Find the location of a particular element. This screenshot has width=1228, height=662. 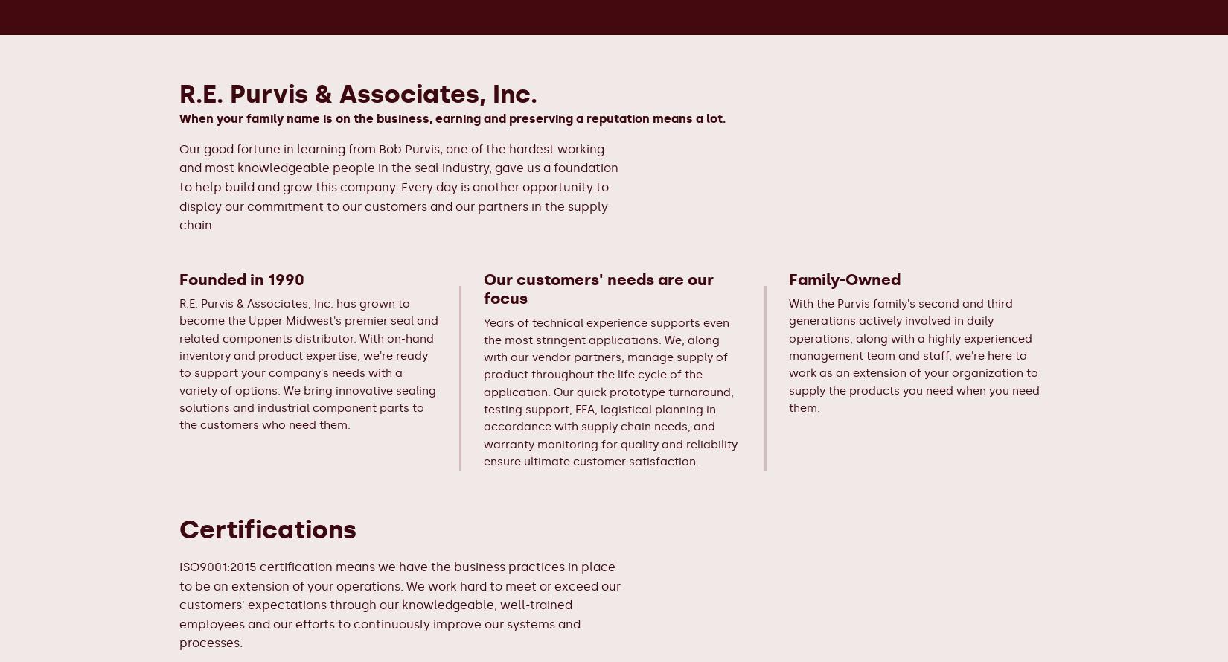

'Years of technical experience supports even the most stringent applications. We, along with our vendor partners, manage supply of product throughout the life cycle of the application. Our quick prototype turnaround, testing support, FEA, logistical planning in accordance with supply chain needs, and warranty monitoring for quality and reliability ensure ultimate customer satisfaction.' is located at coordinates (610, 392).